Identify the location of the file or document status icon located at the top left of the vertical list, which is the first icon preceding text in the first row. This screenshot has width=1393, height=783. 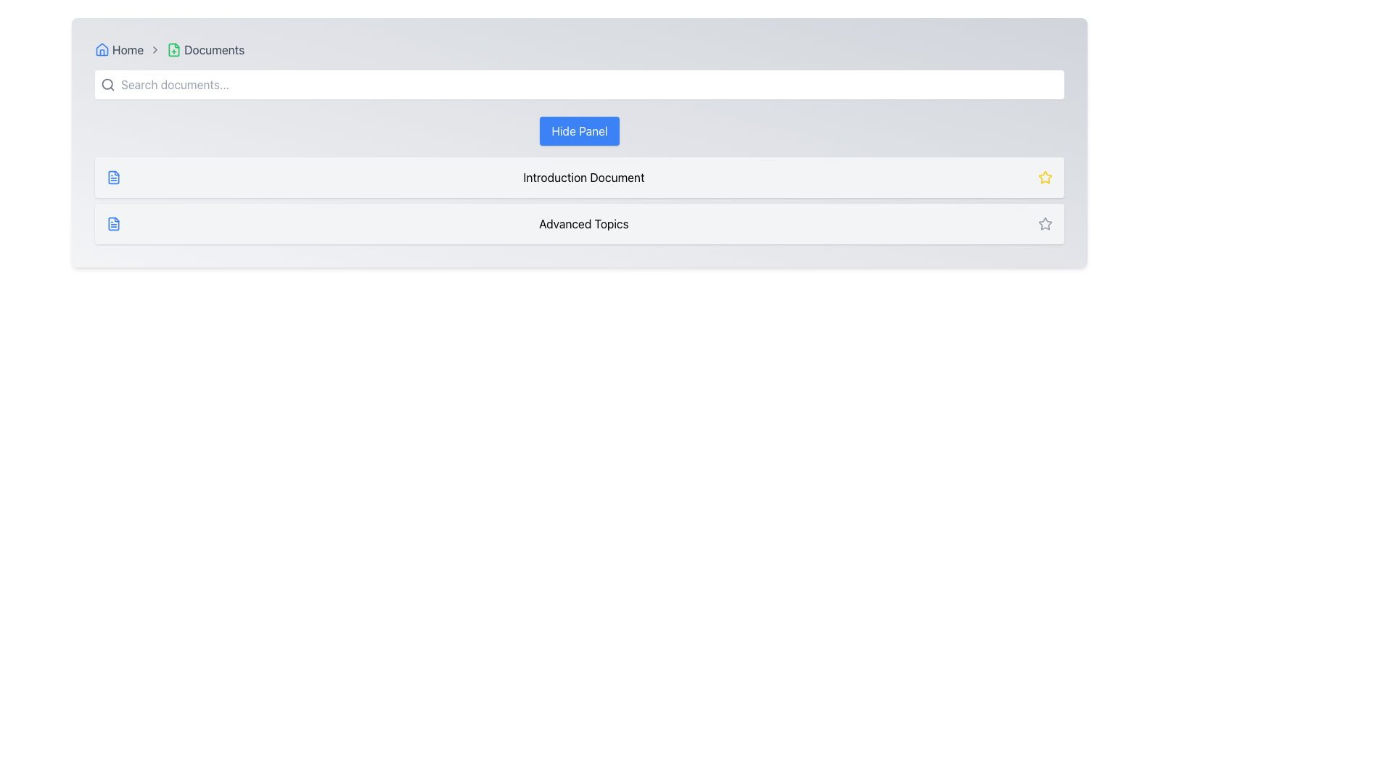
(113, 177).